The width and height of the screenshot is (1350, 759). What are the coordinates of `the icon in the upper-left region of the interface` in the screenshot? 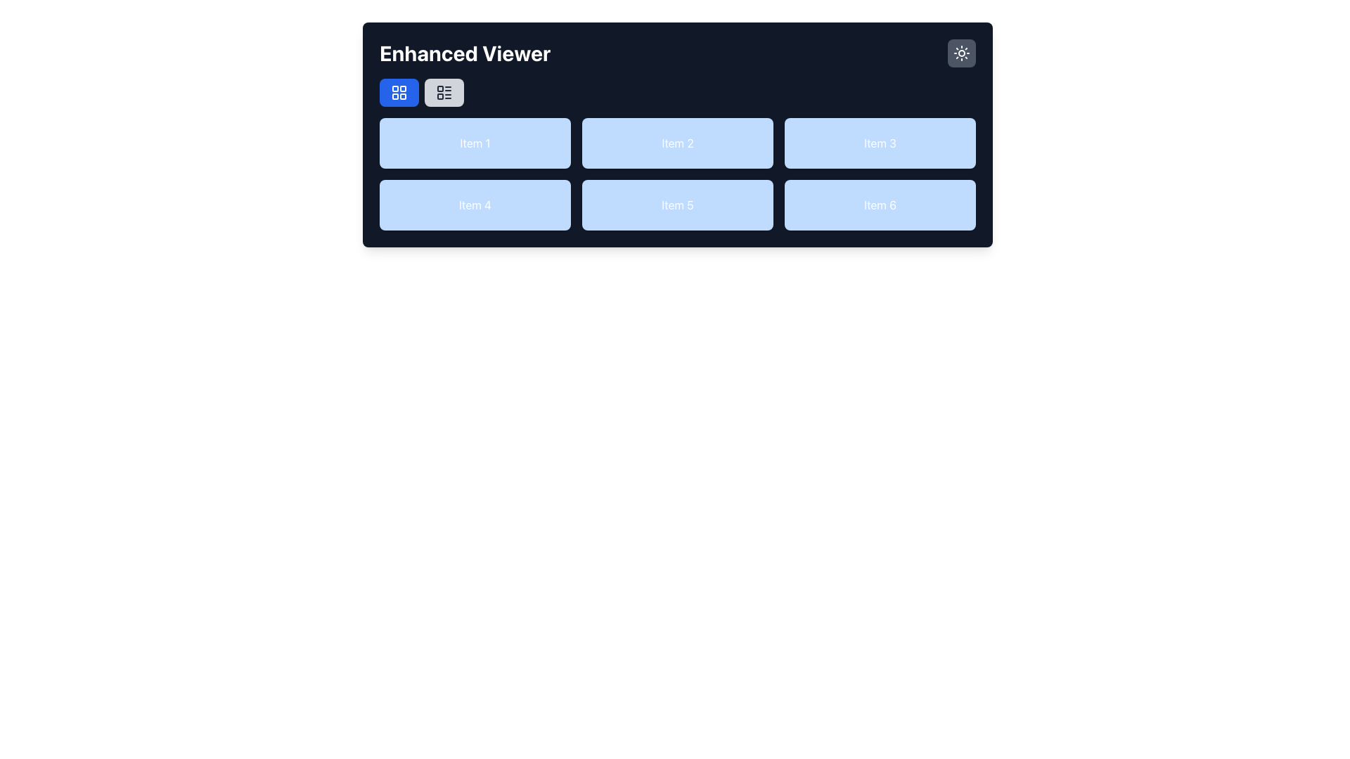 It's located at (398, 92).